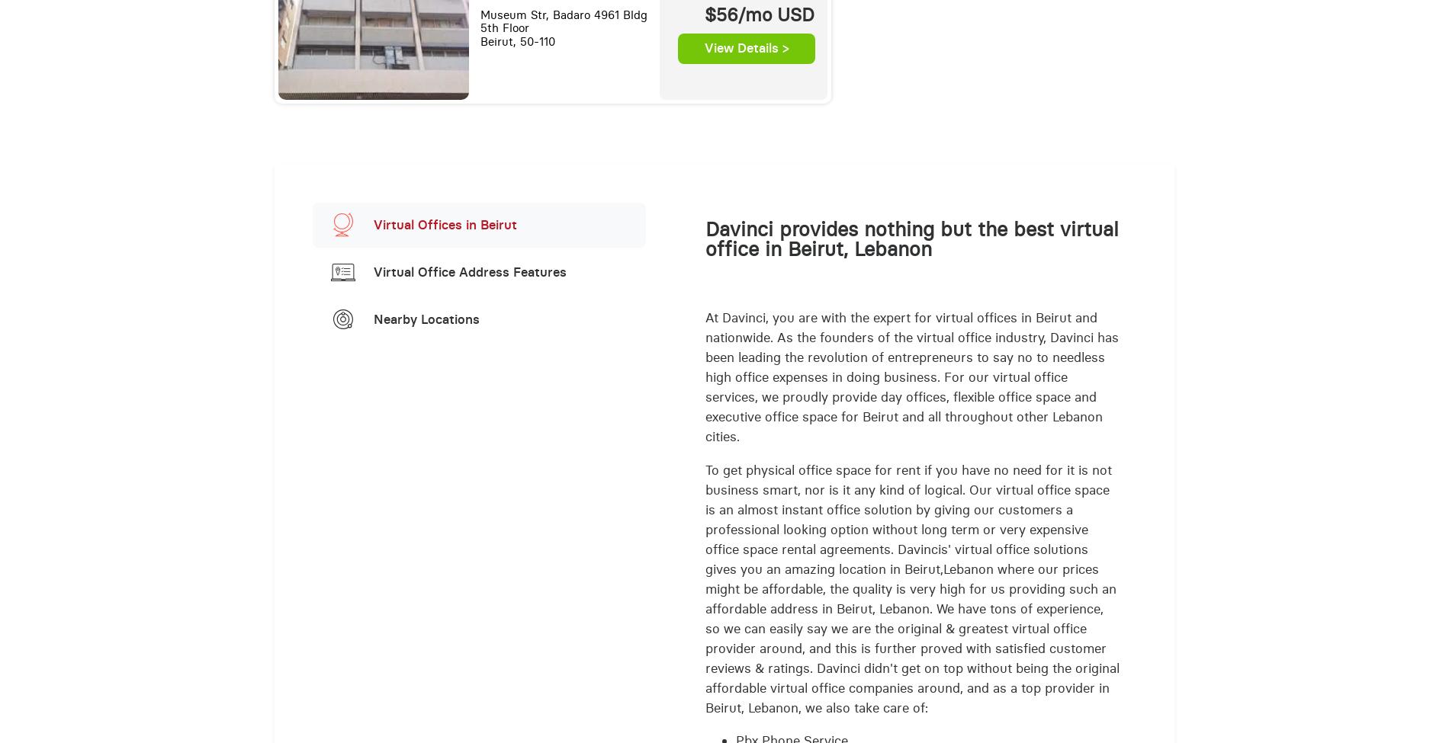 This screenshot has height=743, width=1449. What do you see at coordinates (516, 40) in the screenshot?
I see `'Beirut,  50-110'` at bounding box center [516, 40].